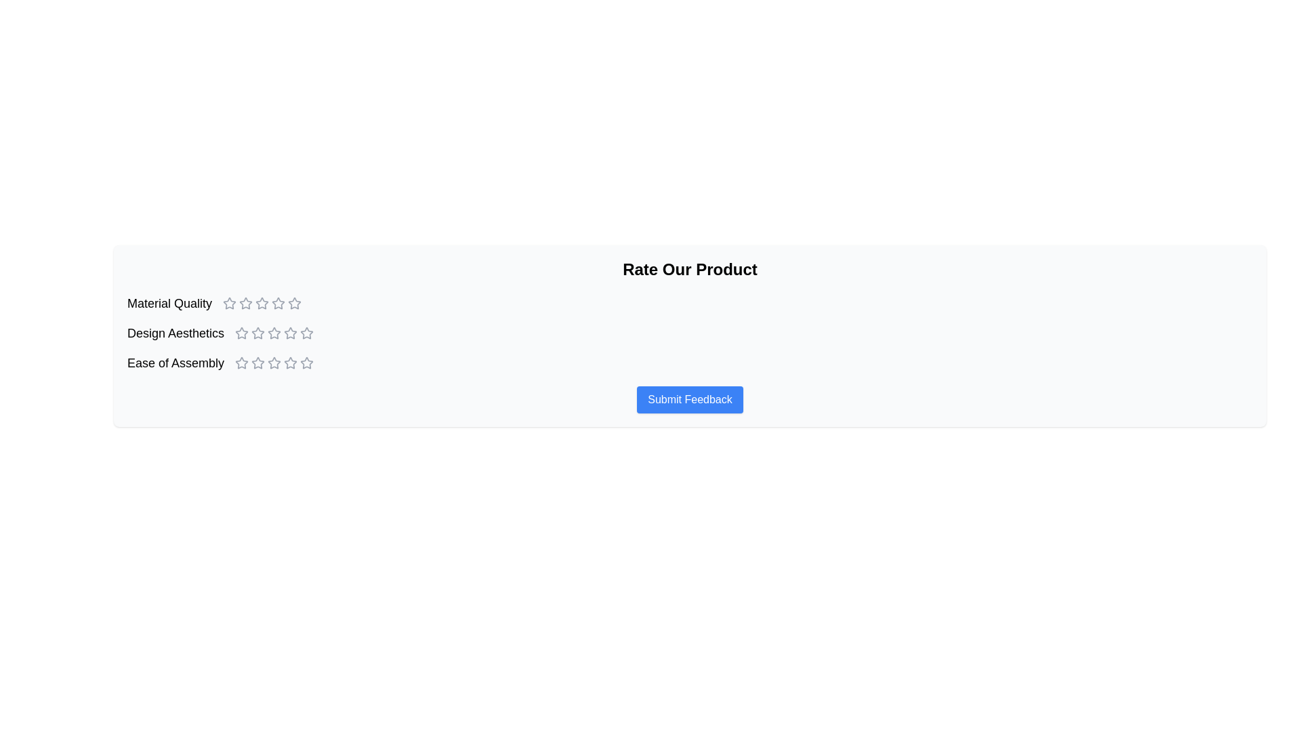 This screenshot has height=732, width=1301. I want to click on the fifth star icon to rate the product for 'Ease of Assembly', so click(306, 363).